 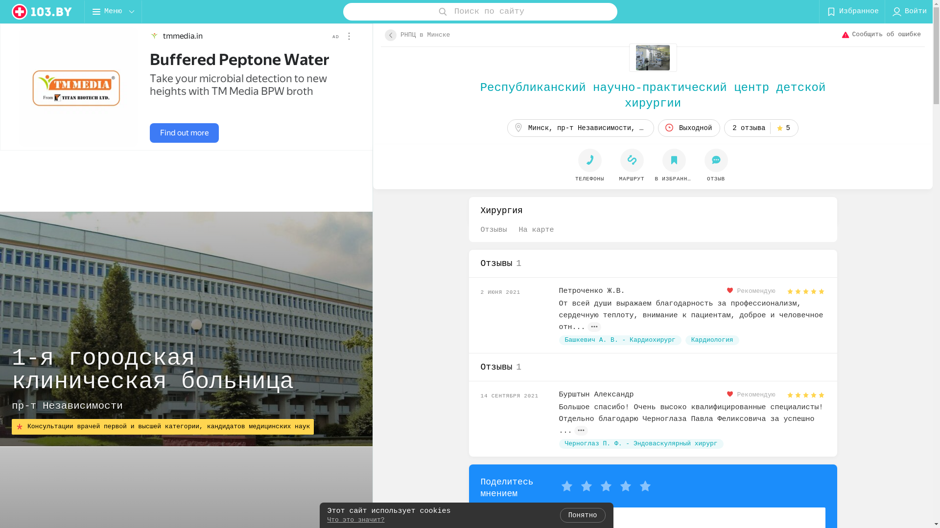 What do you see at coordinates (42, 11) in the screenshot?
I see `'logo'` at bounding box center [42, 11].